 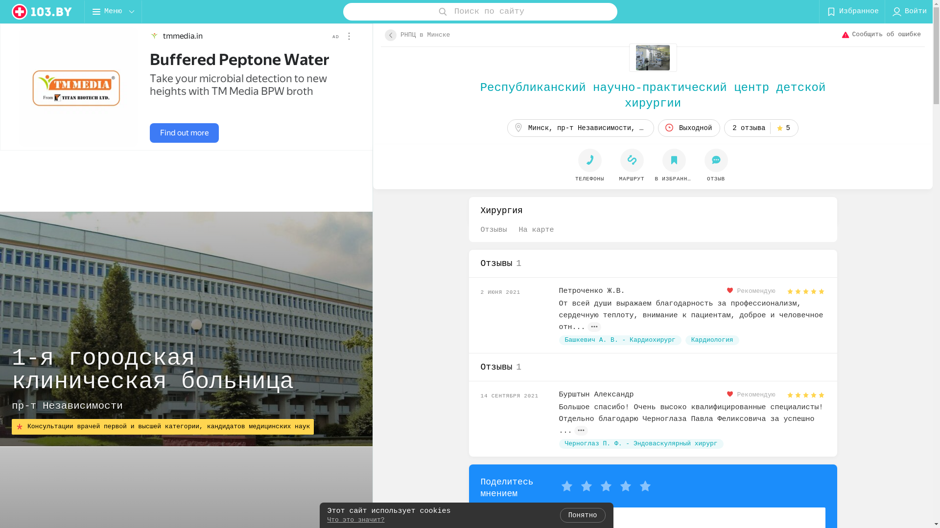 What do you see at coordinates (42, 11) in the screenshot?
I see `'logo'` at bounding box center [42, 11].